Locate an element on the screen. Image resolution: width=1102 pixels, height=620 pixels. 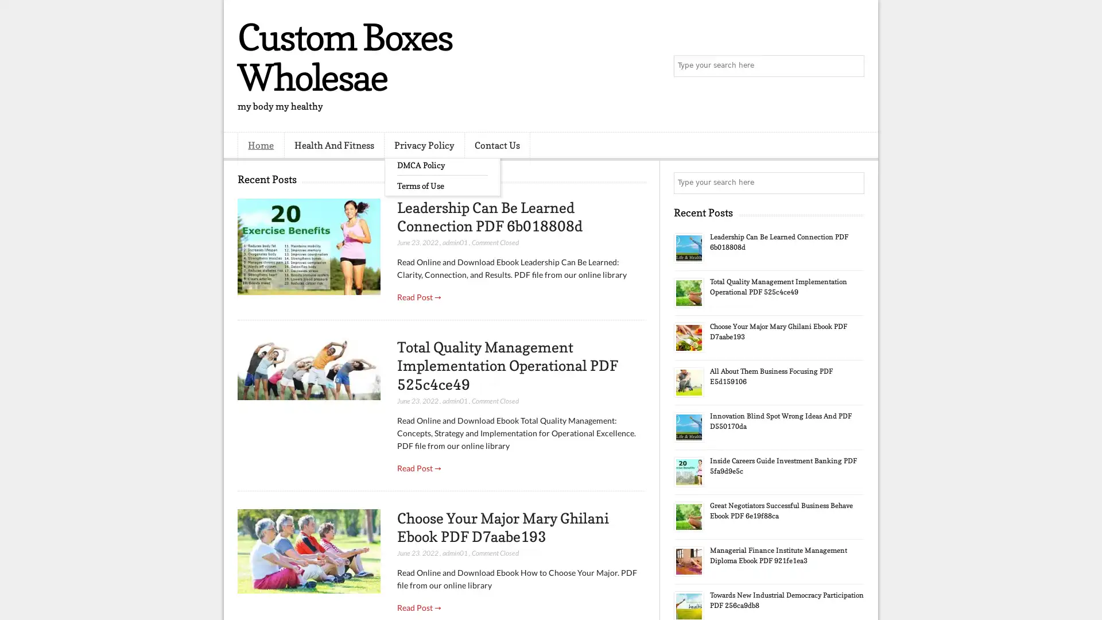
Search is located at coordinates (852, 183).